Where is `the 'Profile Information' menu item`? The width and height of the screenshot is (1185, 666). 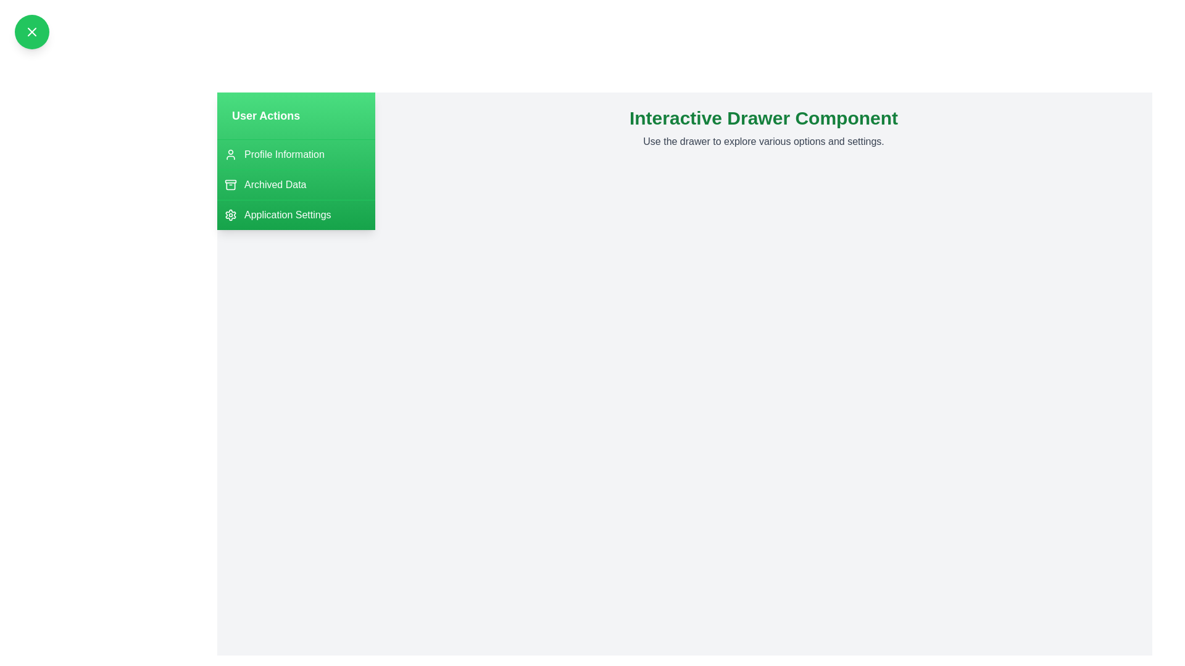 the 'Profile Information' menu item is located at coordinates (296, 154).